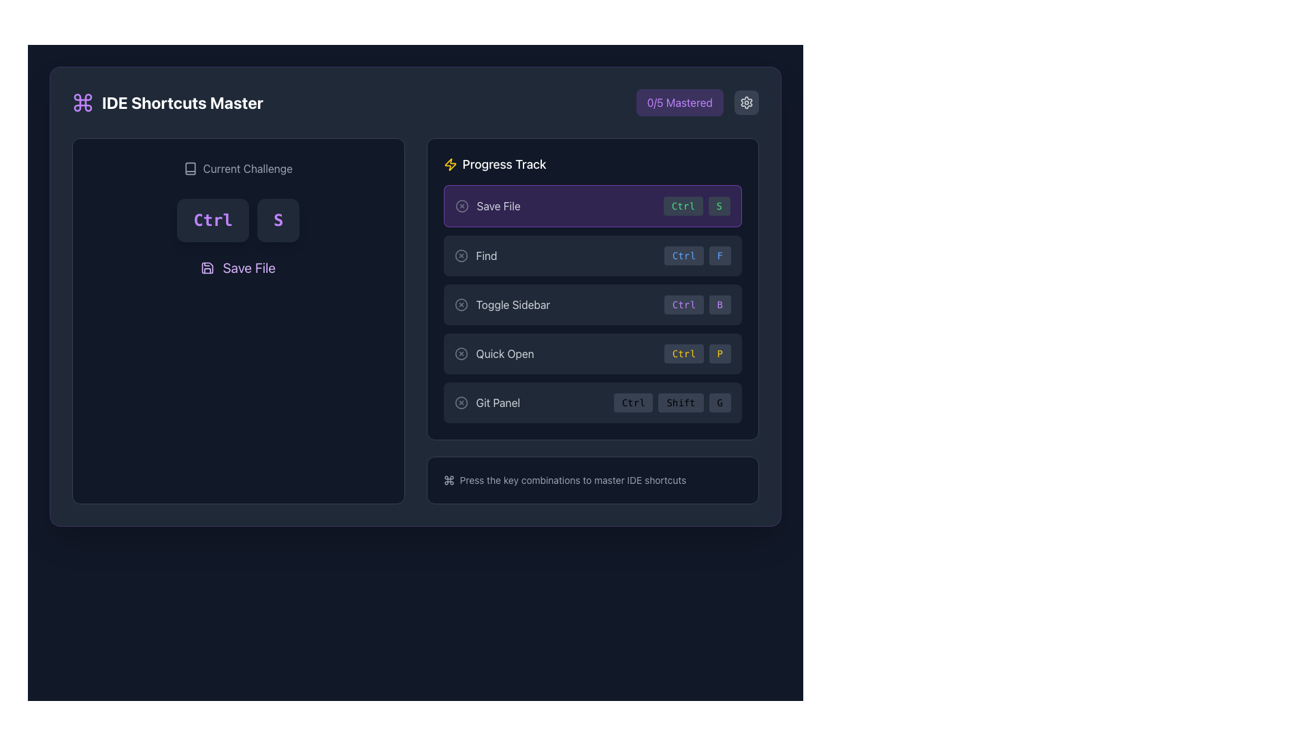 The width and height of the screenshot is (1307, 735). Describe the element at coordinates (697, 353) in the screenshot. I see `text inside the Shortcut visual indicator for the 'Quick Open' feature located to the right of the 'Quick Open' label in the 'Progress Track' section` at that location.